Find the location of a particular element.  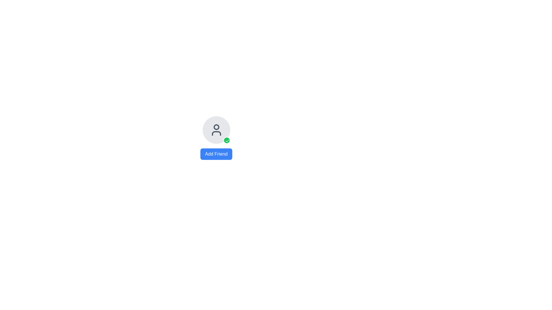

the user profile icon, which is represented as a dark gray outline of a head and shoulders on a light gray circular background, located in the center-left of the interface is located at coordinates (216, 130).